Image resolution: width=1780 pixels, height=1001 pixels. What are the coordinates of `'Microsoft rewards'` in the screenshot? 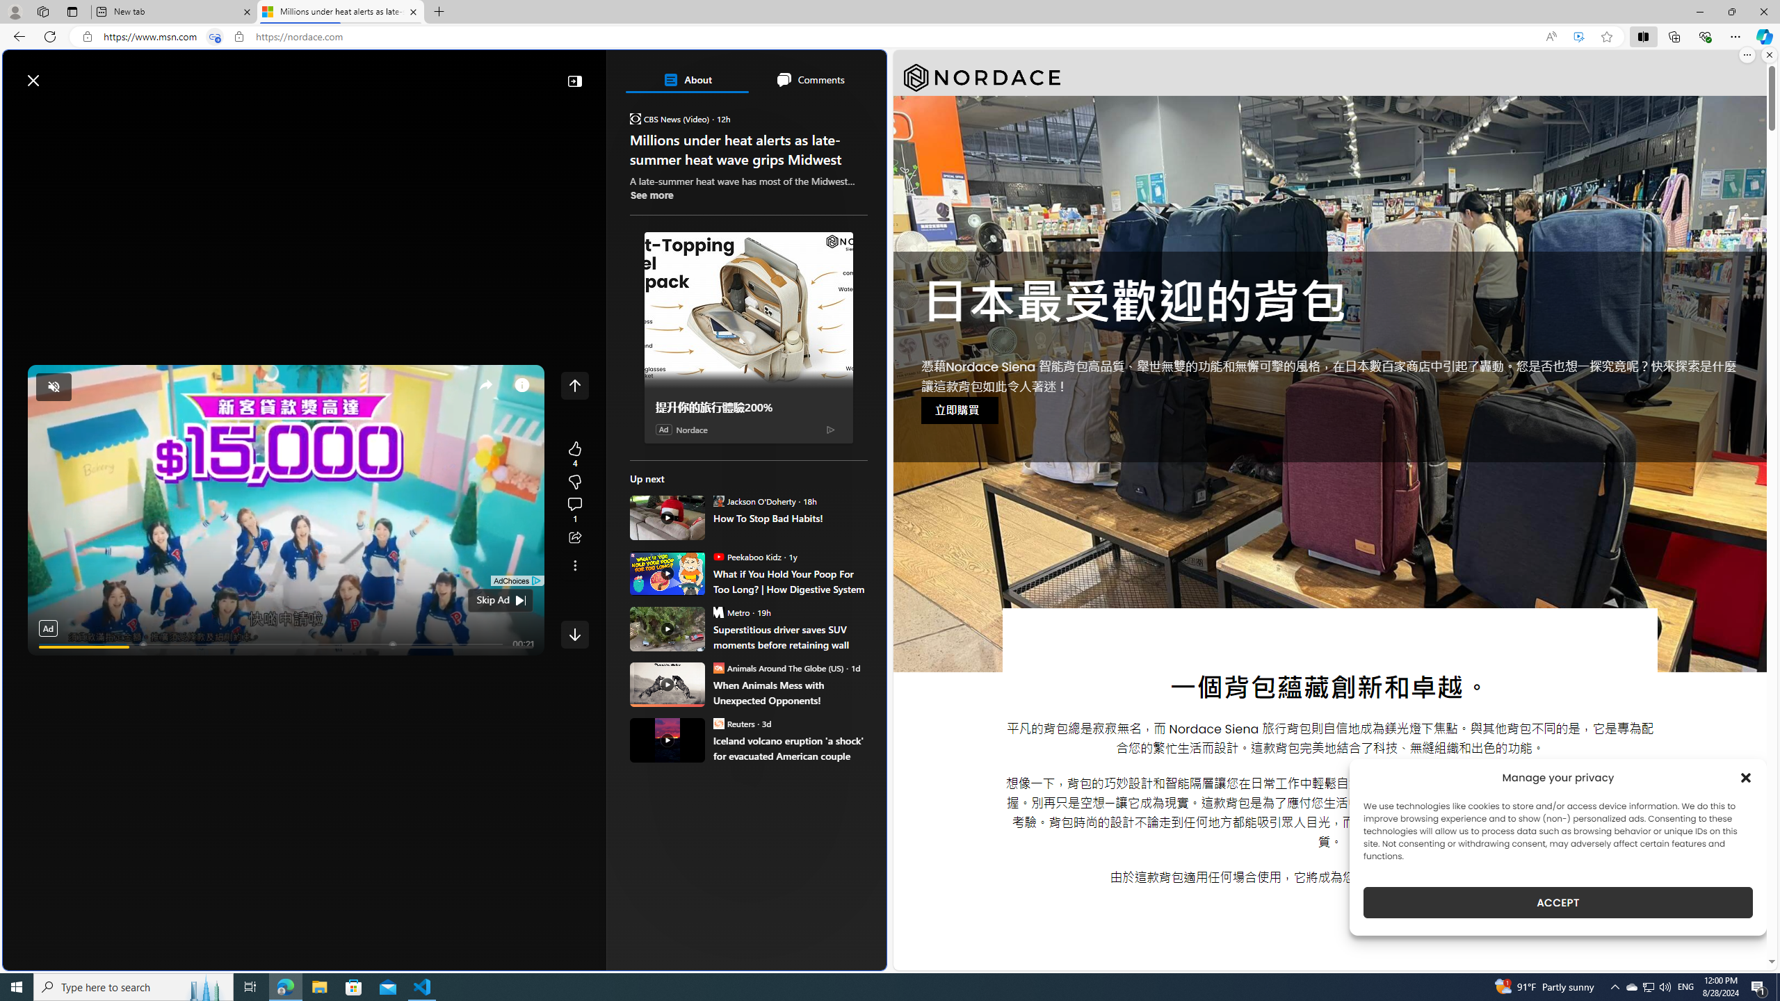 It's located at (799, 74).